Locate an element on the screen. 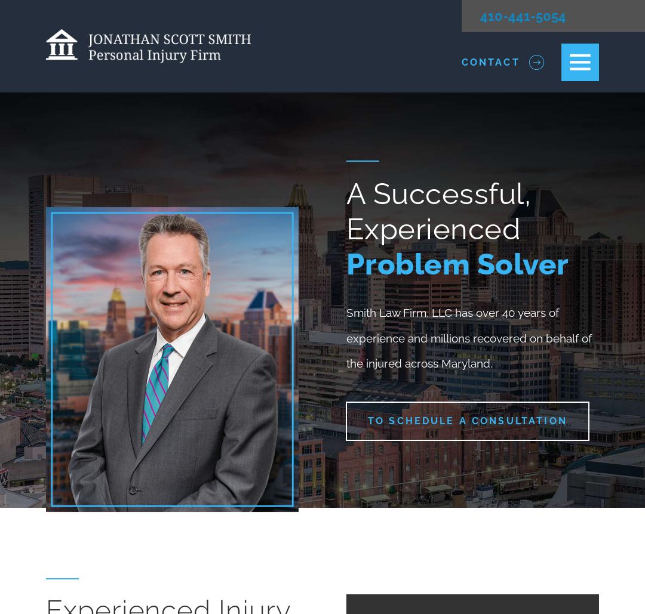  '12/24/22' is located at coordinates (391, 520).